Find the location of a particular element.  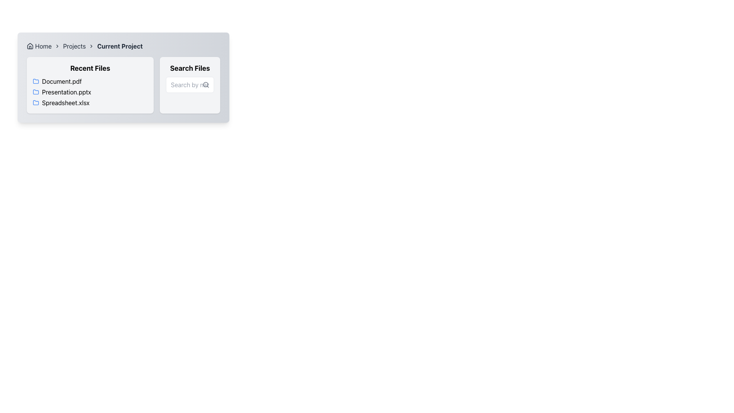

the text label displaying the file name 'Presentation.pptx' is located at coordinates (67, 91).